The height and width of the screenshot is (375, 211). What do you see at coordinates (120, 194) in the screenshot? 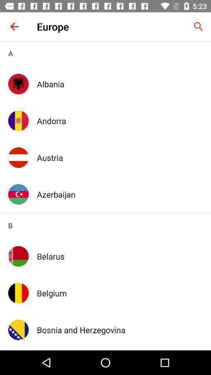
I see `azerbaijan app` at bounding box center [120, 194].